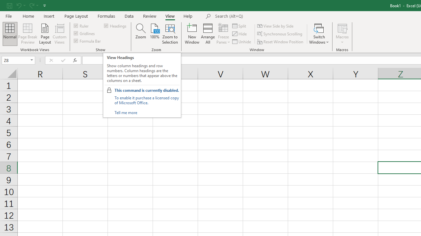 The image size is (421, 236). Describe the element at coordinates (60, 34) in the screenshot. I see `'Custom Views...'` at that location.